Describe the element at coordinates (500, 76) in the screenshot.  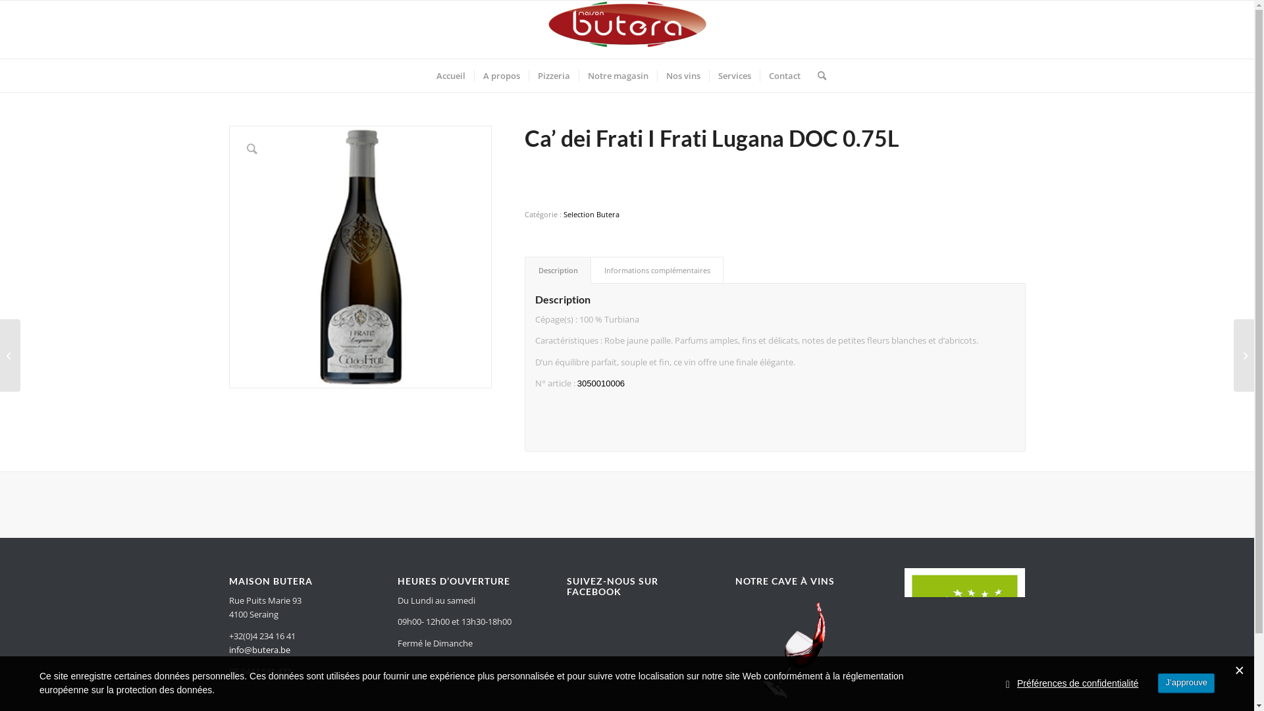
I see `'A propos'` at that location.